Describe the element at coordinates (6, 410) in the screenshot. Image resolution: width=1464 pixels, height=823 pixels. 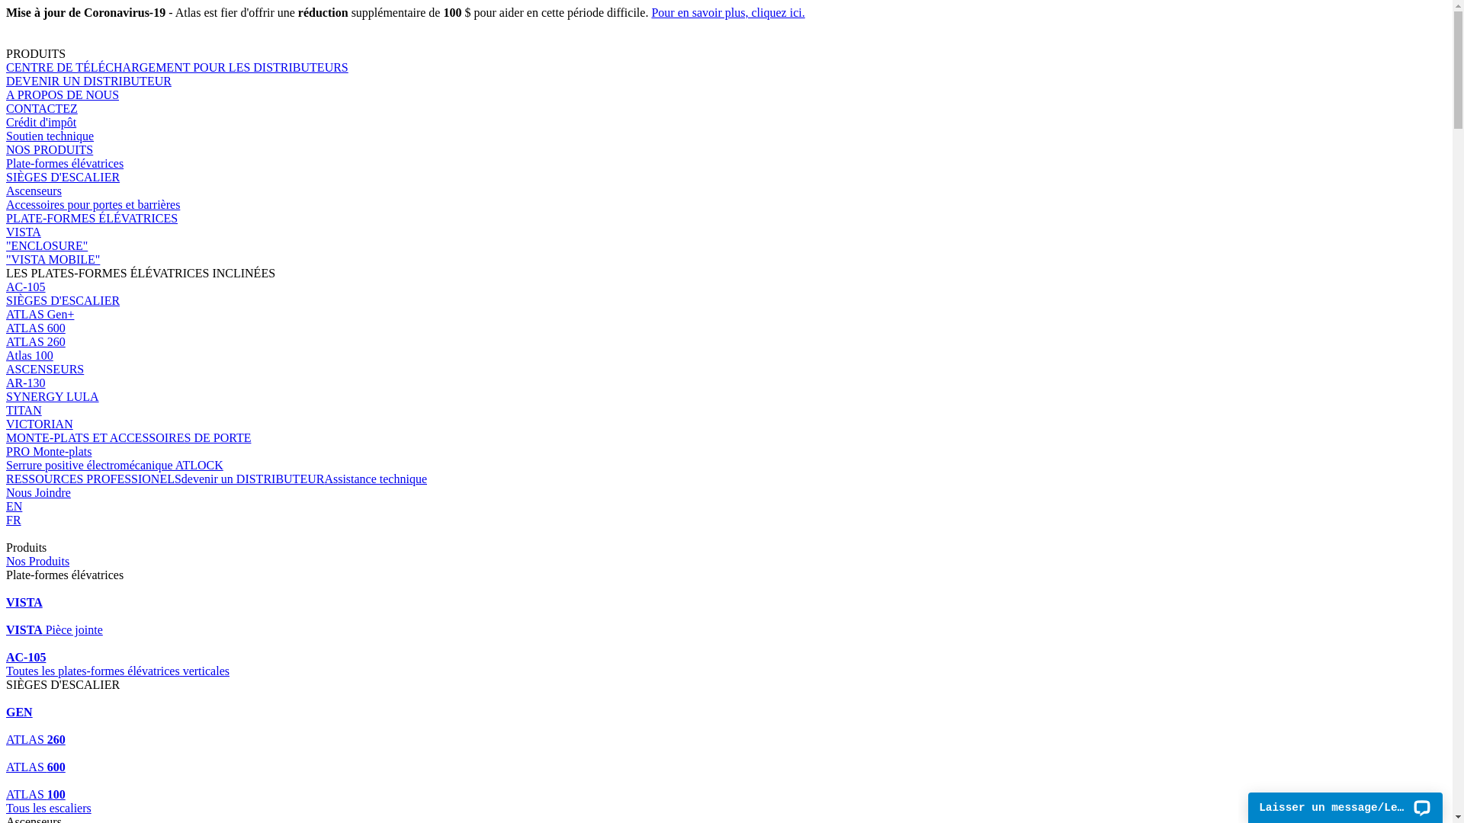
I see `'TITAN'` at that location.